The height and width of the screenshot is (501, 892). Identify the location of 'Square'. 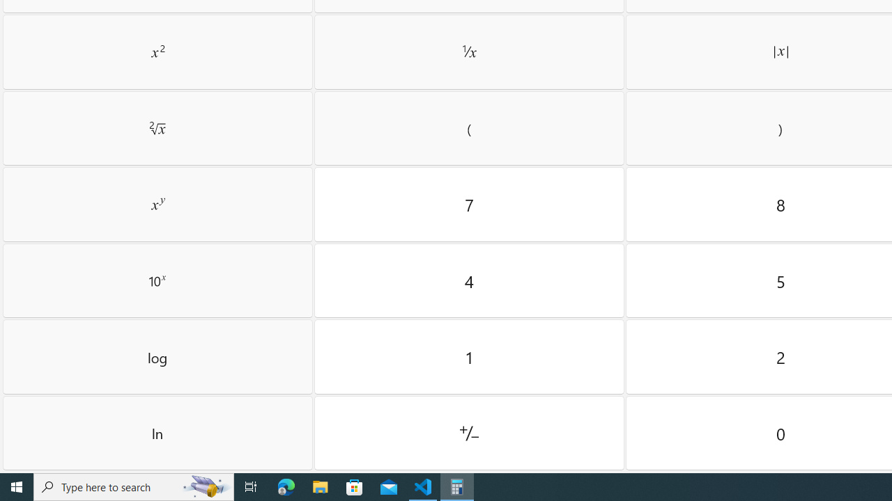
(157, 51).